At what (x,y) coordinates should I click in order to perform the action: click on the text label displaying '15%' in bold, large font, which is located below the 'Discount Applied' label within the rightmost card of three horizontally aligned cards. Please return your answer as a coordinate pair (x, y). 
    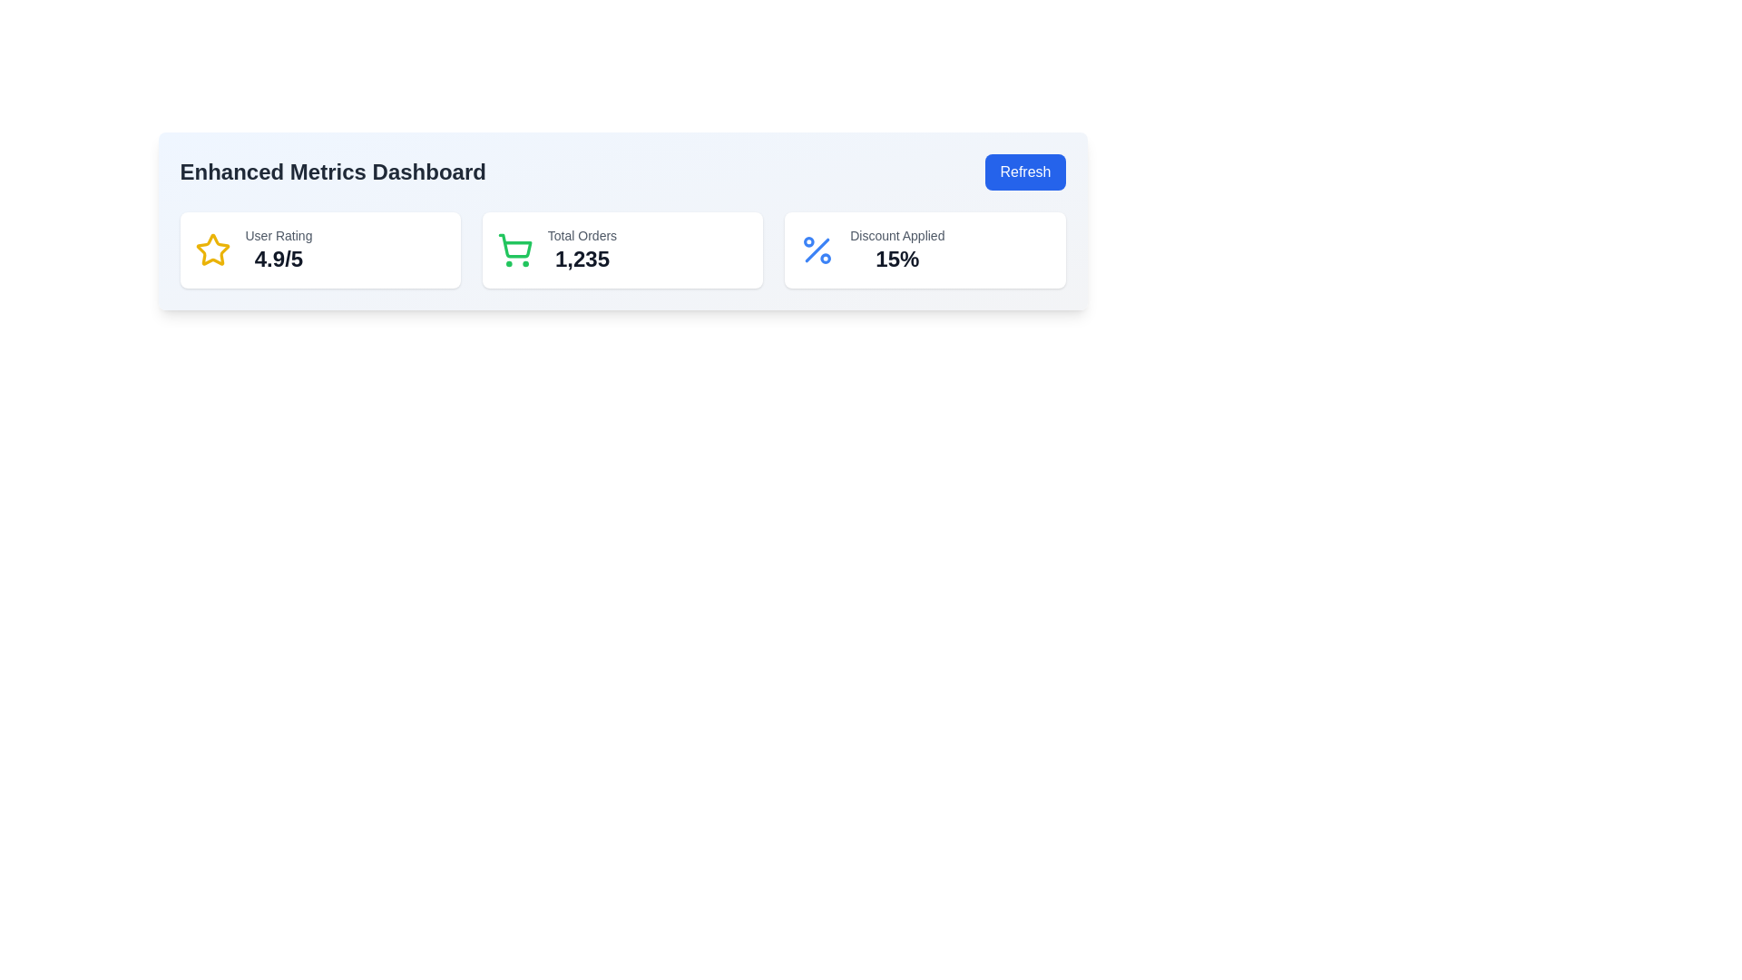
    Looking at the image, I should click on (897, 259).